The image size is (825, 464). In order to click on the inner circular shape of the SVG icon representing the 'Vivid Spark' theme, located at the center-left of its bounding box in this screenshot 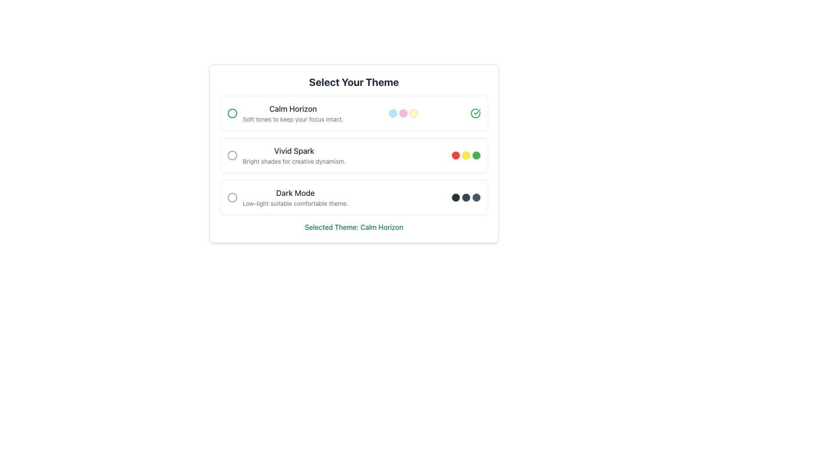, I will do `click(232, 156)`.